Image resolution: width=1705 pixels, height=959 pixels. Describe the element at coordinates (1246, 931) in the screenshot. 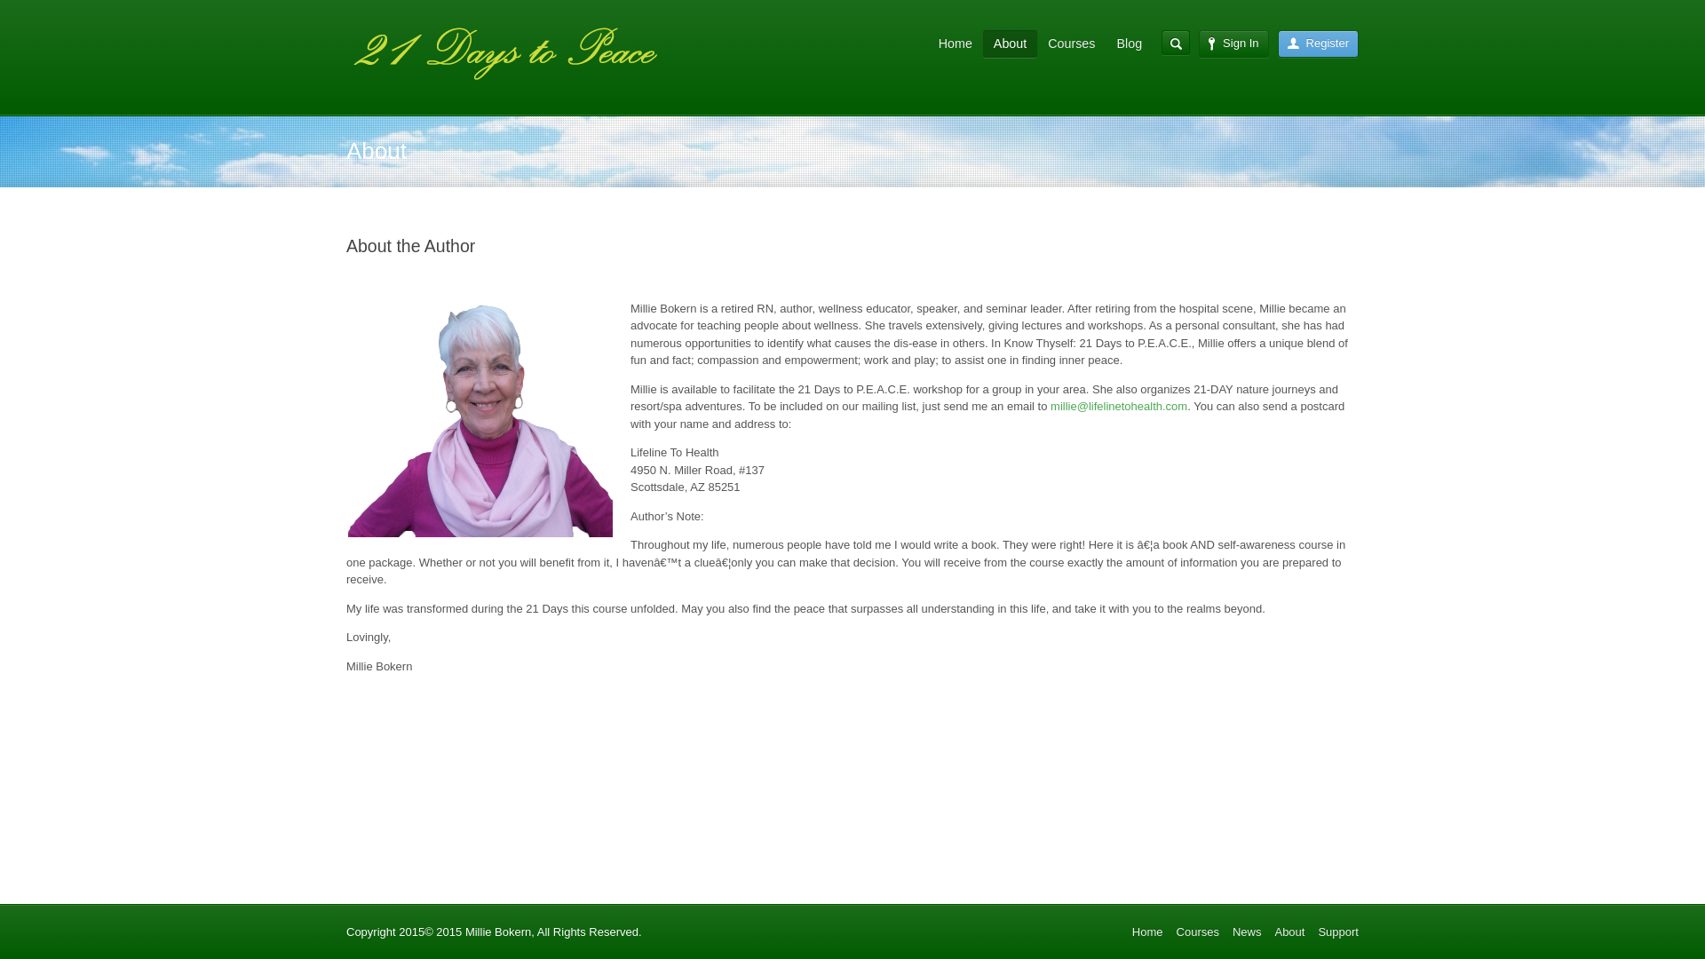

I see `'News'` at that location.